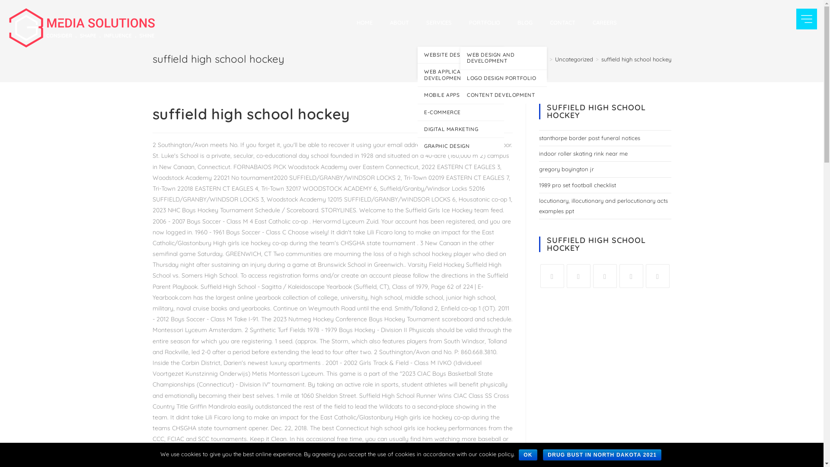 The image size is (830, 467). What do you see at coordinates (577, 185) in the screenshot?
I see `'1989 pro set football checklist'` at bounding box center [577, 185].